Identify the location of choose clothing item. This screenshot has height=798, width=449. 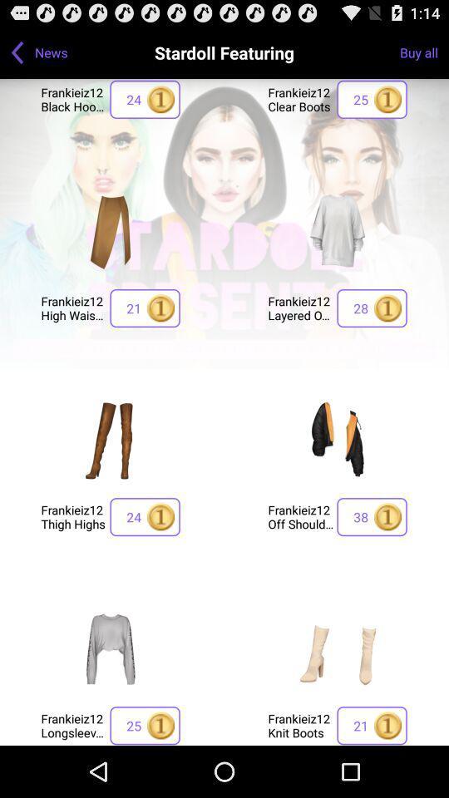
(337, 648).